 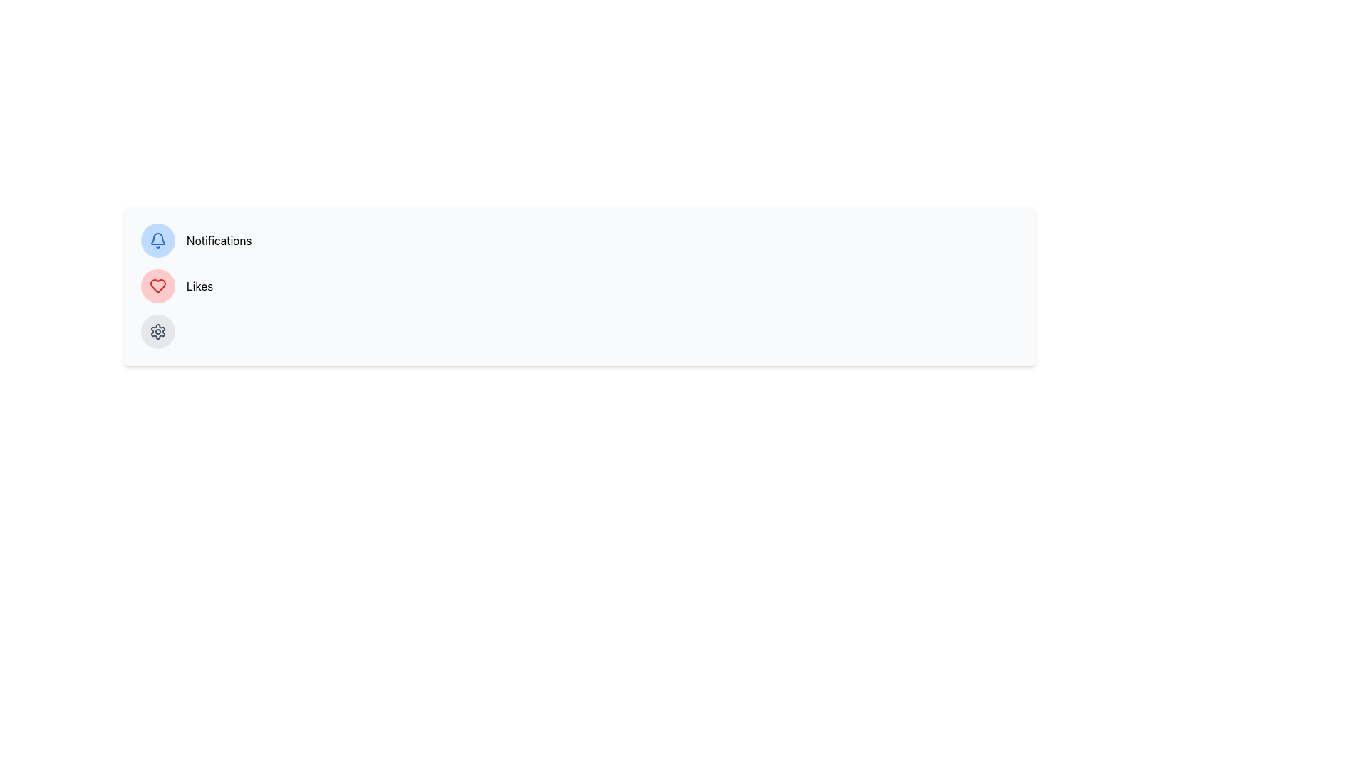 I want to click on the heart icon representing the 'Likes' feature, located inside the second circular button in the vertical list of three items on the left of the light-gray panel, so click(x=157, y=286).